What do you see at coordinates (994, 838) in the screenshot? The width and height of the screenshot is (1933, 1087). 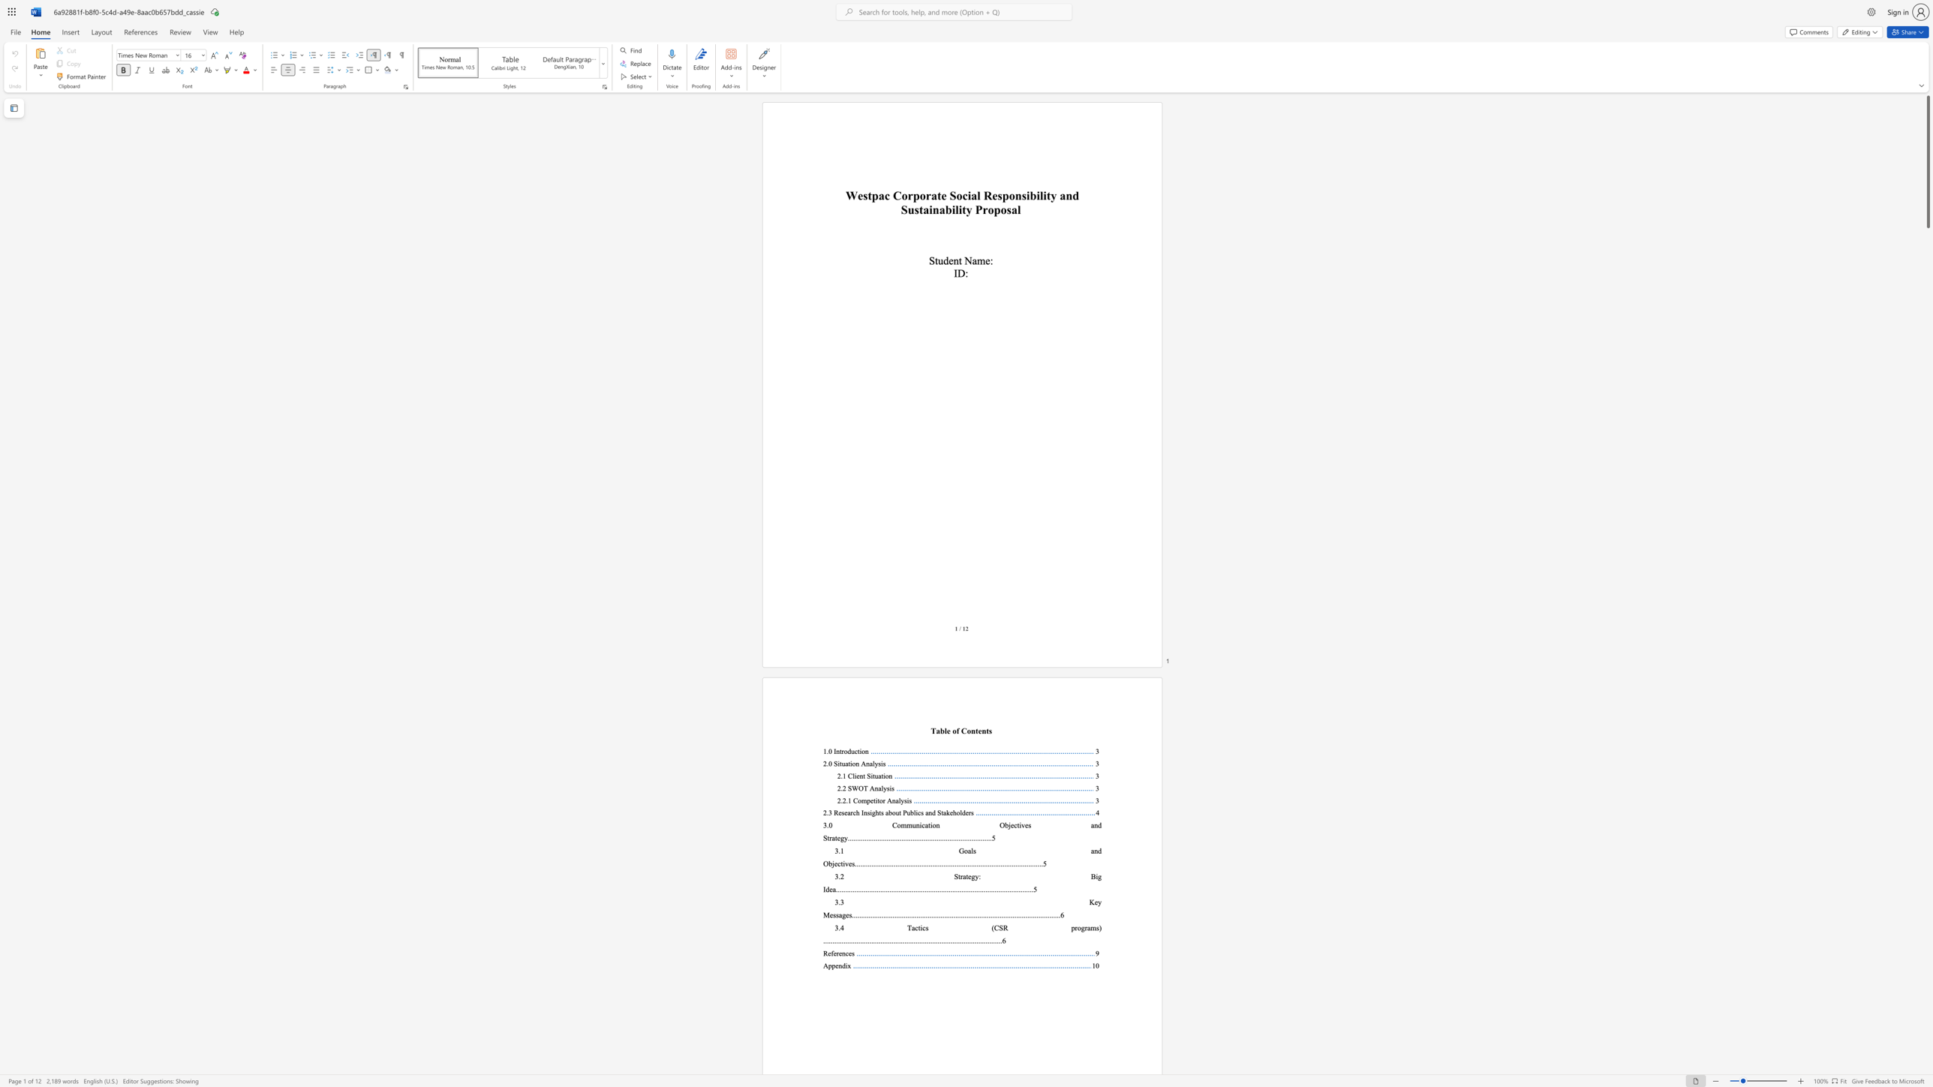 I see `the 1th character "5" in the text` at bounding box center [994, 838].